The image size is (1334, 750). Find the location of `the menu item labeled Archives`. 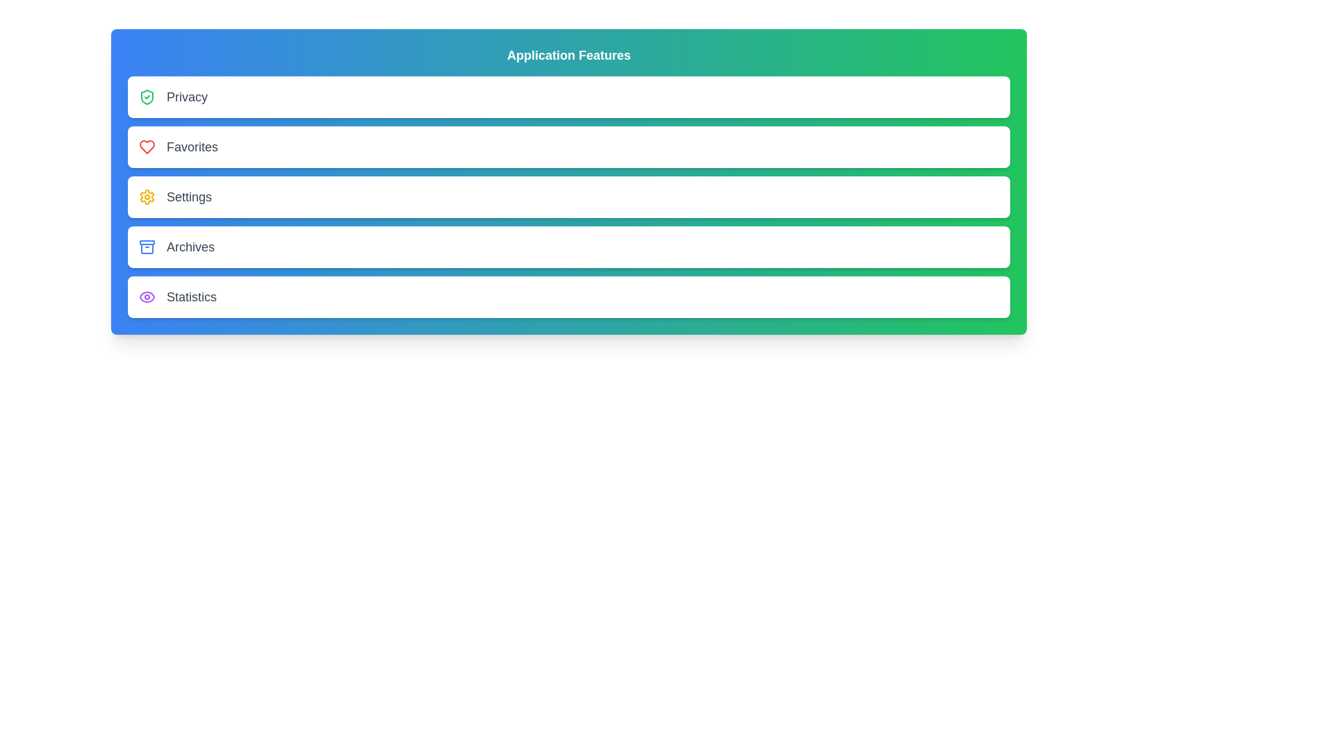

the menu item labeled Archives is located at coordinates (569, 246).